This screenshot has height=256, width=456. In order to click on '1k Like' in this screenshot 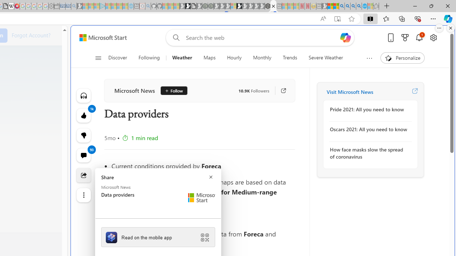, I will do `click(83, 115)`.